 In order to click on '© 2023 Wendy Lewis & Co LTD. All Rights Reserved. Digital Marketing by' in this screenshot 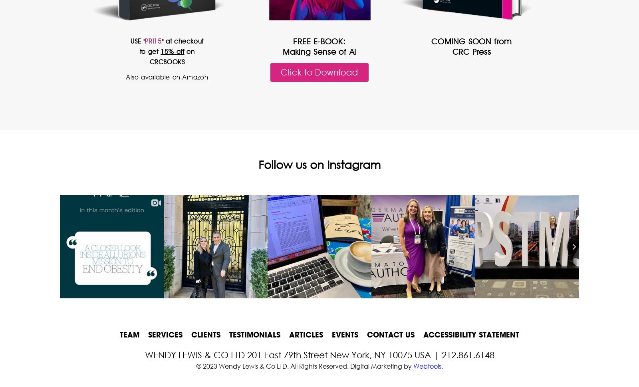, I will do `click(304, 365)`.